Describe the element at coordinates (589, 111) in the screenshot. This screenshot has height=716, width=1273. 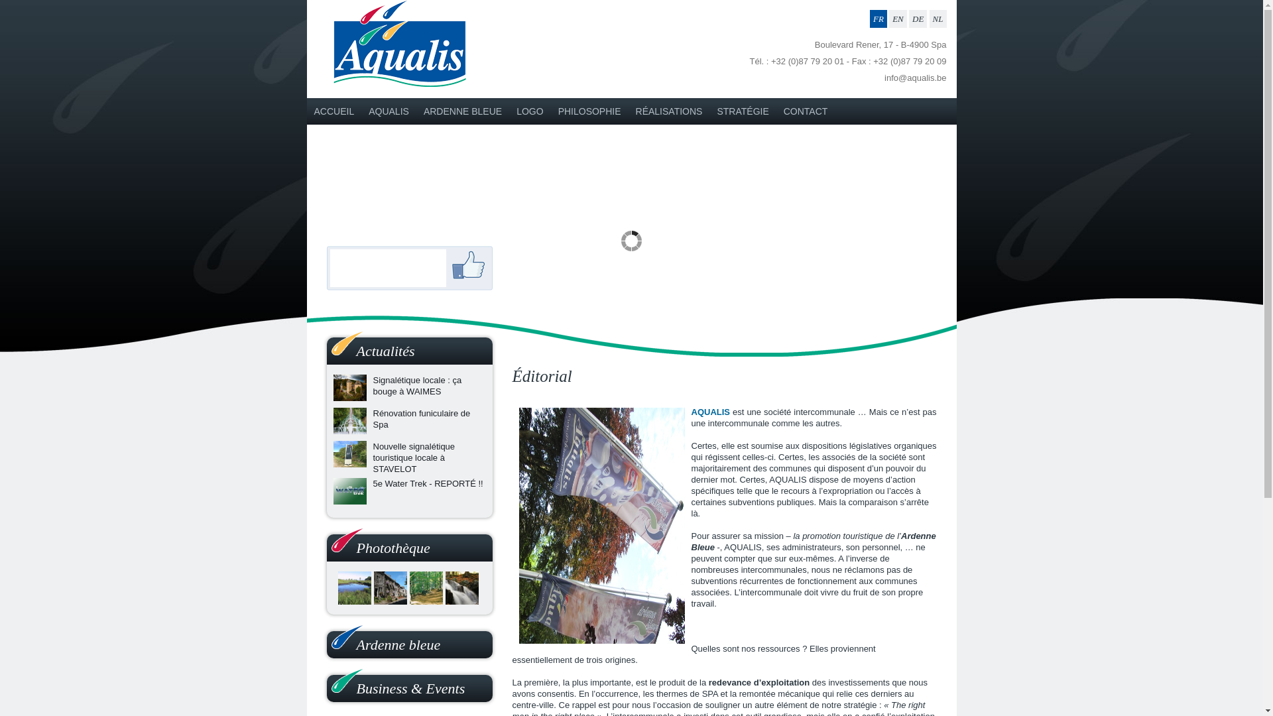
I see `'PHILOSOPHIE'` at that location.